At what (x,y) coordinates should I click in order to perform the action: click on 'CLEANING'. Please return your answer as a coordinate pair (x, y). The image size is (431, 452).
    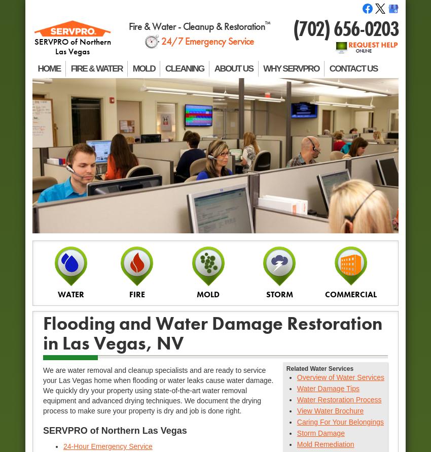
    Looking at the image, I should click on (184, 67).